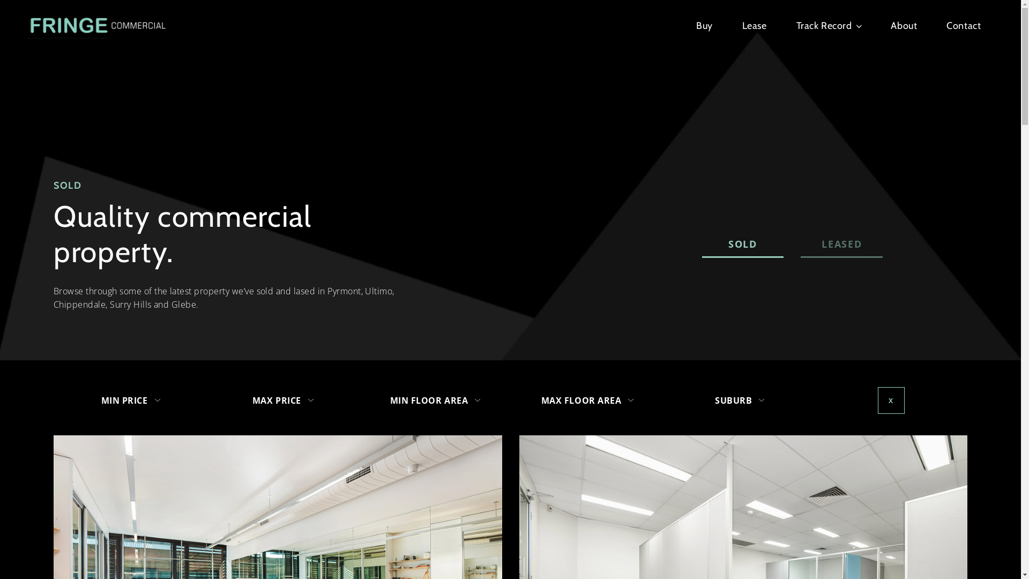 Image resolution: width=1029 pixels, height=579 pixels. I want to click on 'LEASED', so click(841, 244).